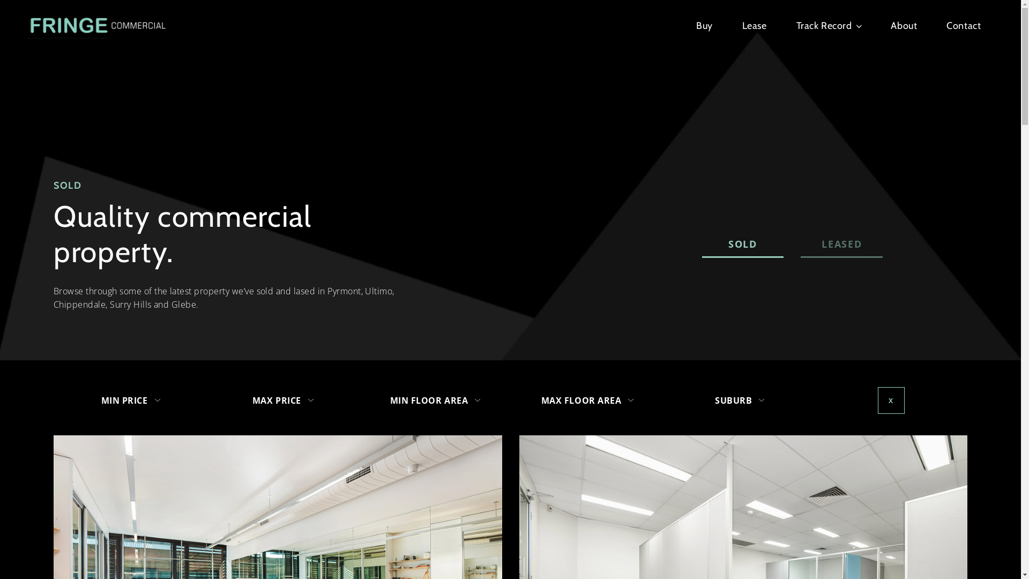 Image resolution: width=1029 pixels, height=579 pixels. I want to click on 'LEASED', so click(841, 244).